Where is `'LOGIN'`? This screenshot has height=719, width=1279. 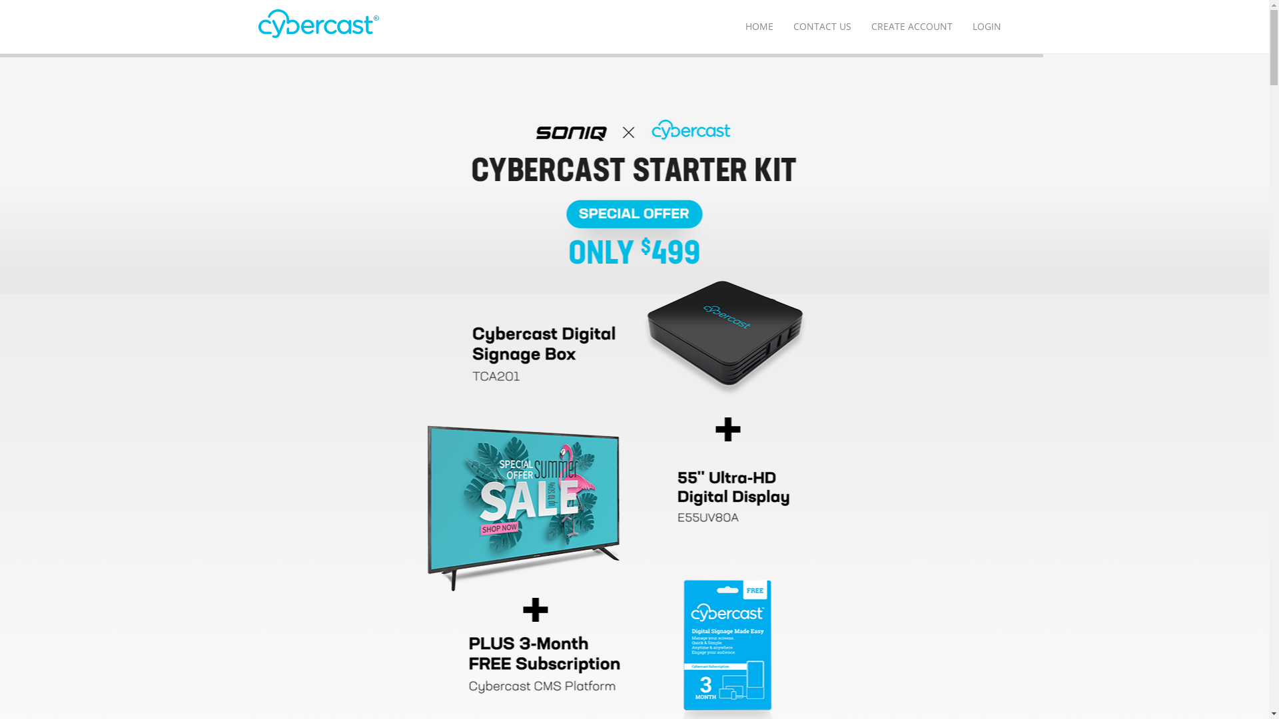
'LOGIN' is located at coordinates (986, 26).